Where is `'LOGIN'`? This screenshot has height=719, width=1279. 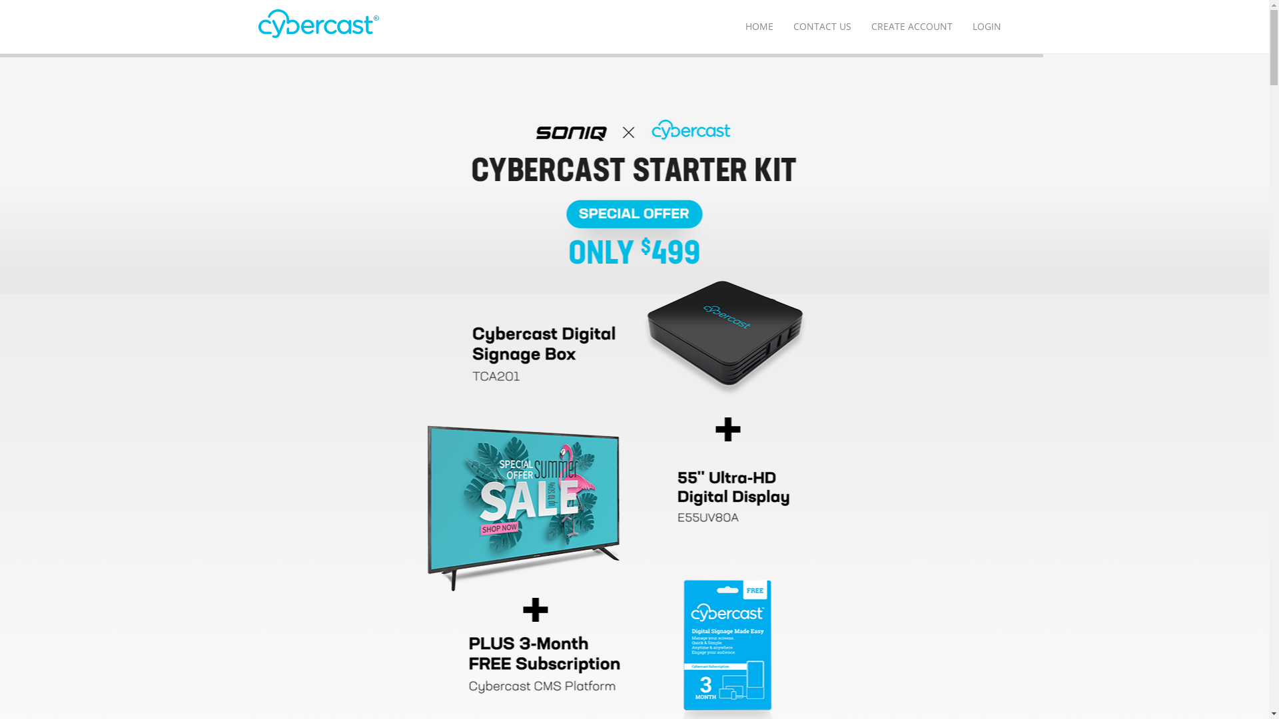
'LOGIN' is located at coordinates (986, 26).